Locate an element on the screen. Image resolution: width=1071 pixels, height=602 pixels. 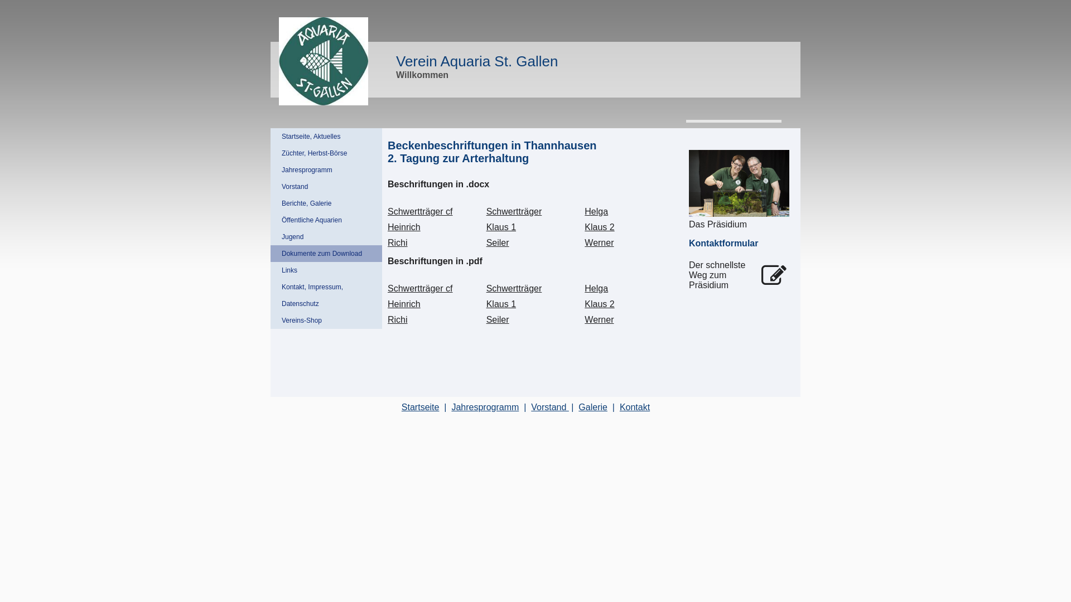
'Kontakt' is located at coordinates (634, 407).